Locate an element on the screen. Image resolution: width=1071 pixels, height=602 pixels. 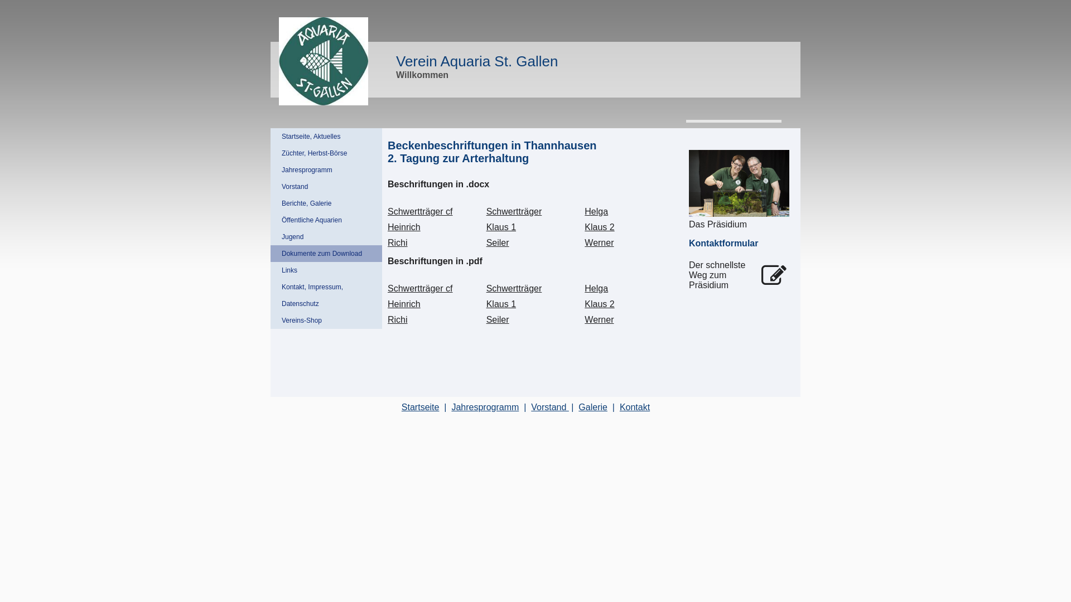
'Kontakt' is located at coordinates (634, 407).